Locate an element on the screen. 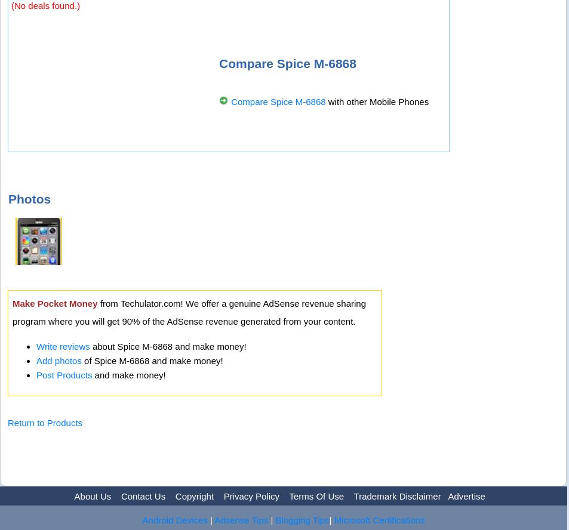 The height and width of the screenshot is (530, 569). 'Adsense Tips' is located at coordinates (240, 519).